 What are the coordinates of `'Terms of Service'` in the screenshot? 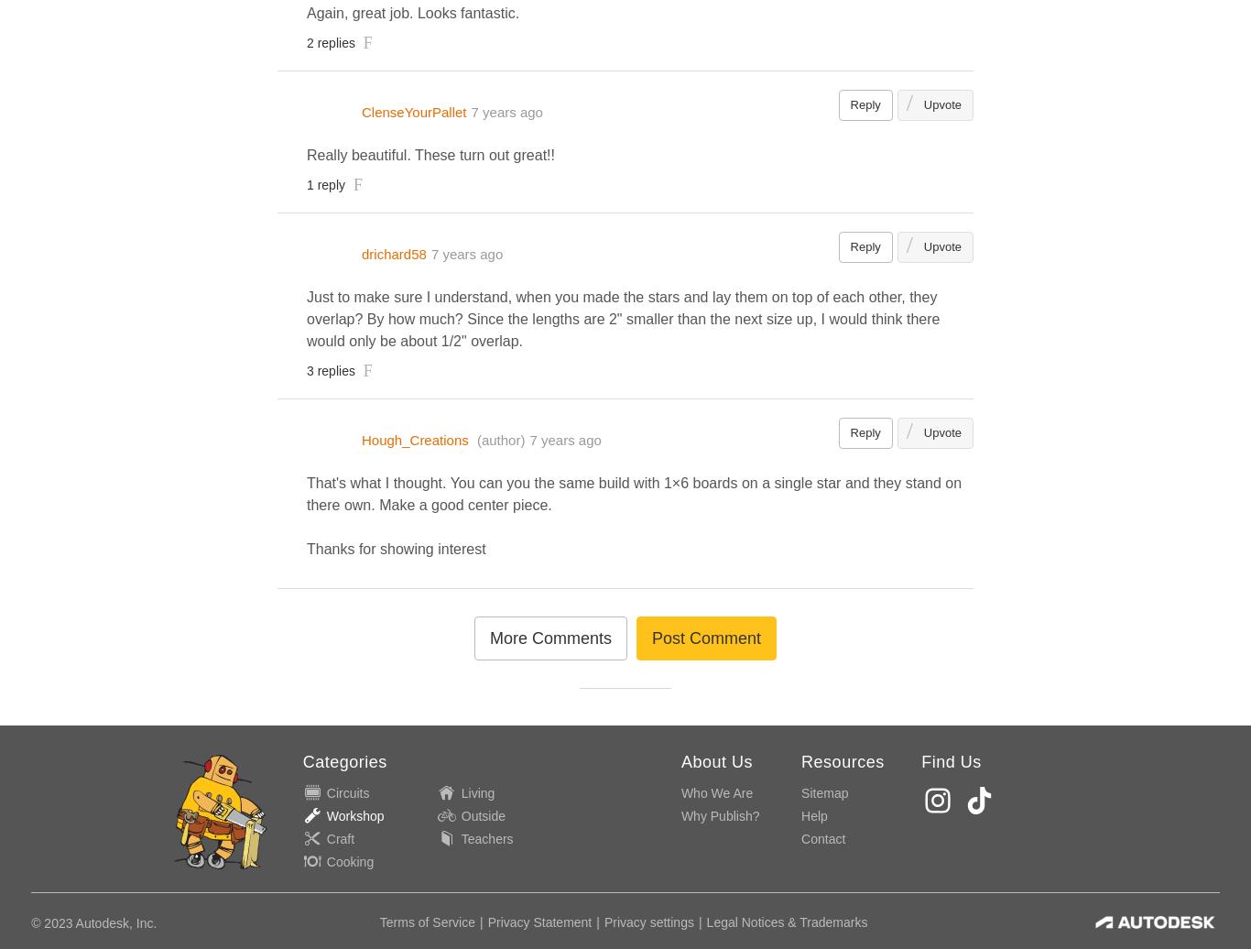 It's located at (427, 921).